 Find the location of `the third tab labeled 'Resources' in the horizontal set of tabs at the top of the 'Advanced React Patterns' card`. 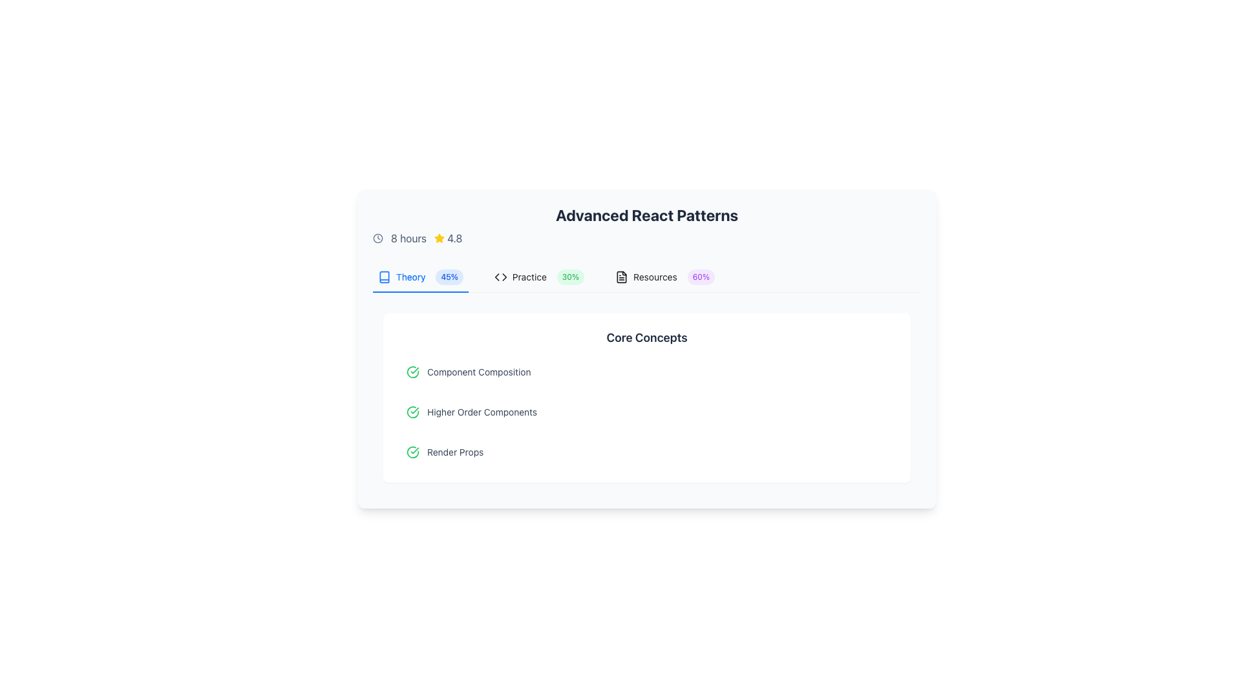

the third tab labeled 'Resources' in the horizontal set of tabs at the top of the 'Advanced React Patterns' card is located at coordinates (665, 276).